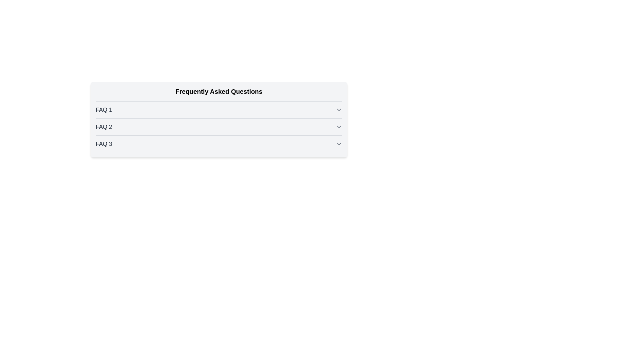 The height and width of the screenshot is (347, 617). I want to click on the third item in the FAQ list, labeled 'FAQ 3', so click(219, 141).